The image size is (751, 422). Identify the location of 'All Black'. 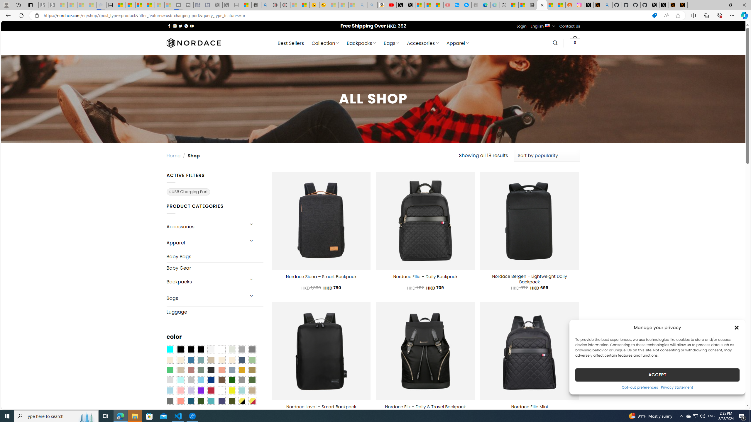
(180, 349).